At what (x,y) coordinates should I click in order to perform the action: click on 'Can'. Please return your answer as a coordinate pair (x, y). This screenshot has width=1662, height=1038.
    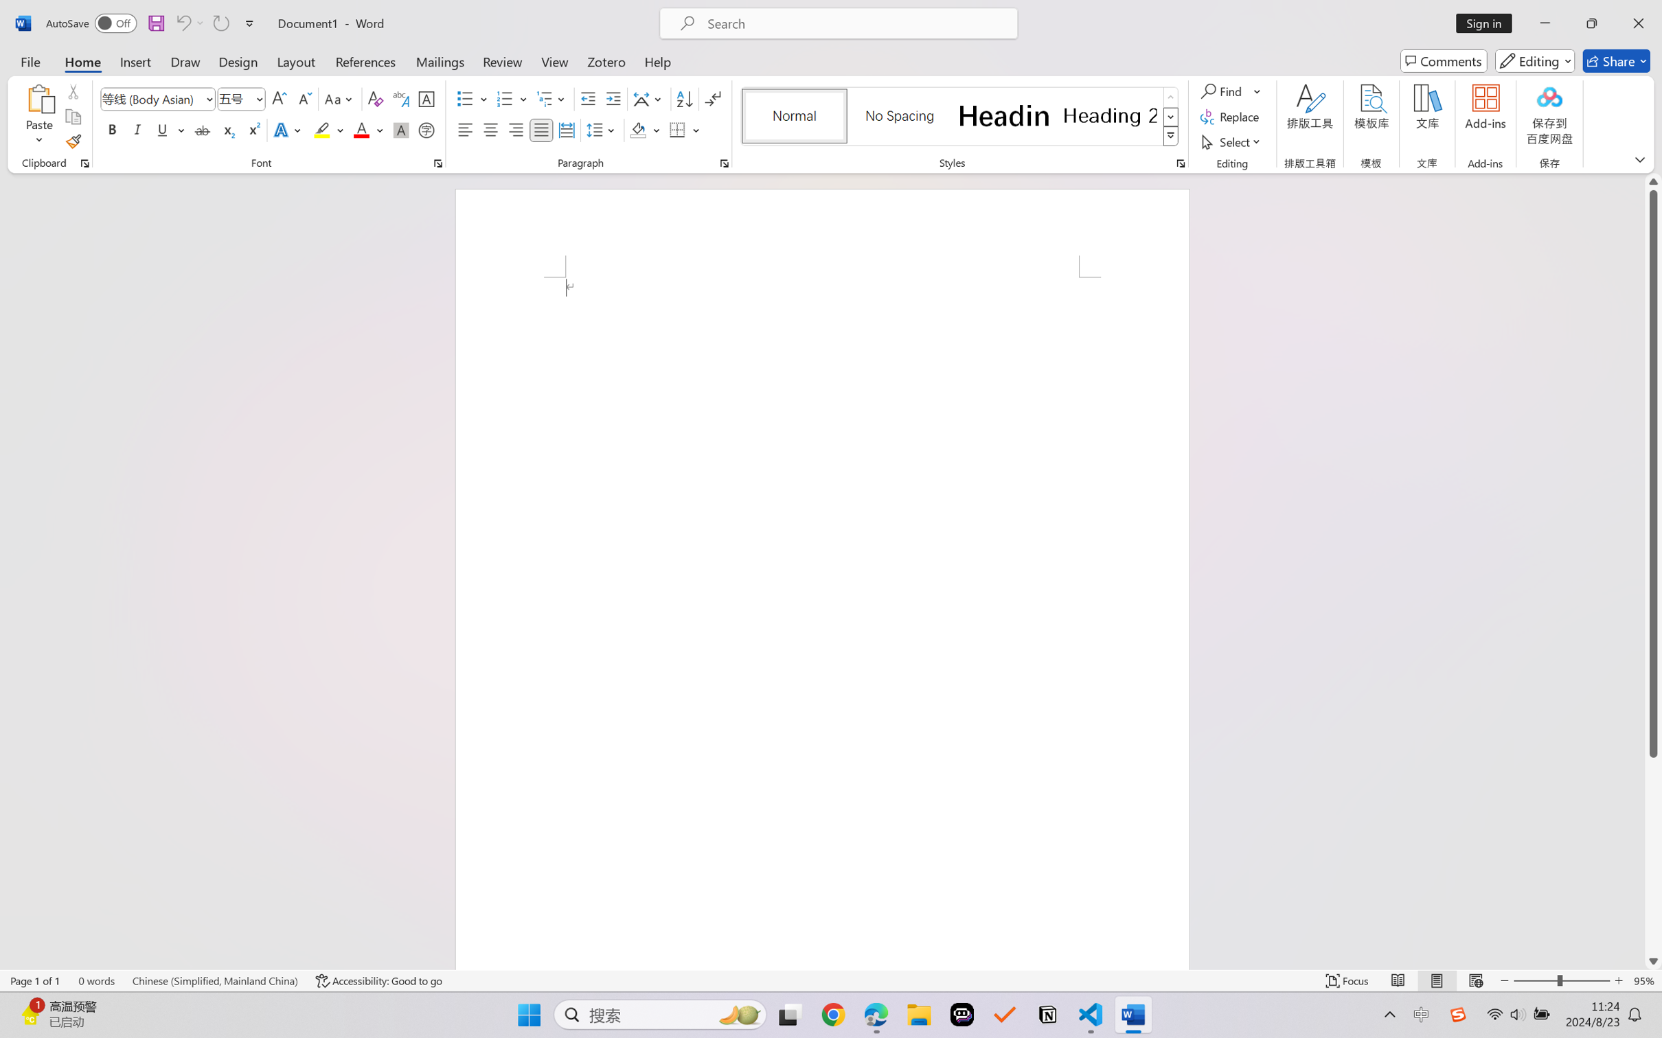
    Looking at the image, I should click on (220, 23).